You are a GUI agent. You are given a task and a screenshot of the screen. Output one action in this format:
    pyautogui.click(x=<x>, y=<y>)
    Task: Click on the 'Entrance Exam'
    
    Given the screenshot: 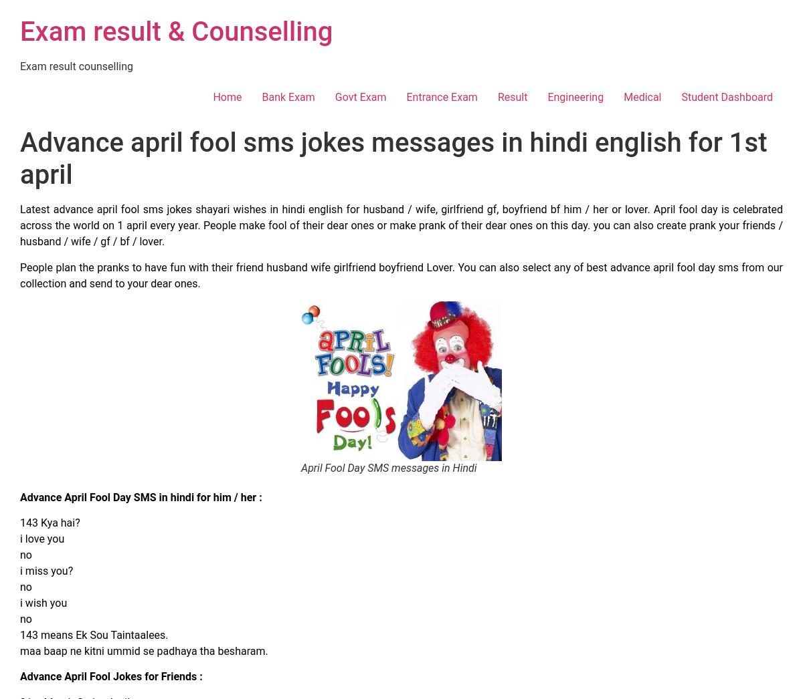 What is the action you would take?
    pyautogui.click(x=406, y=96)
    